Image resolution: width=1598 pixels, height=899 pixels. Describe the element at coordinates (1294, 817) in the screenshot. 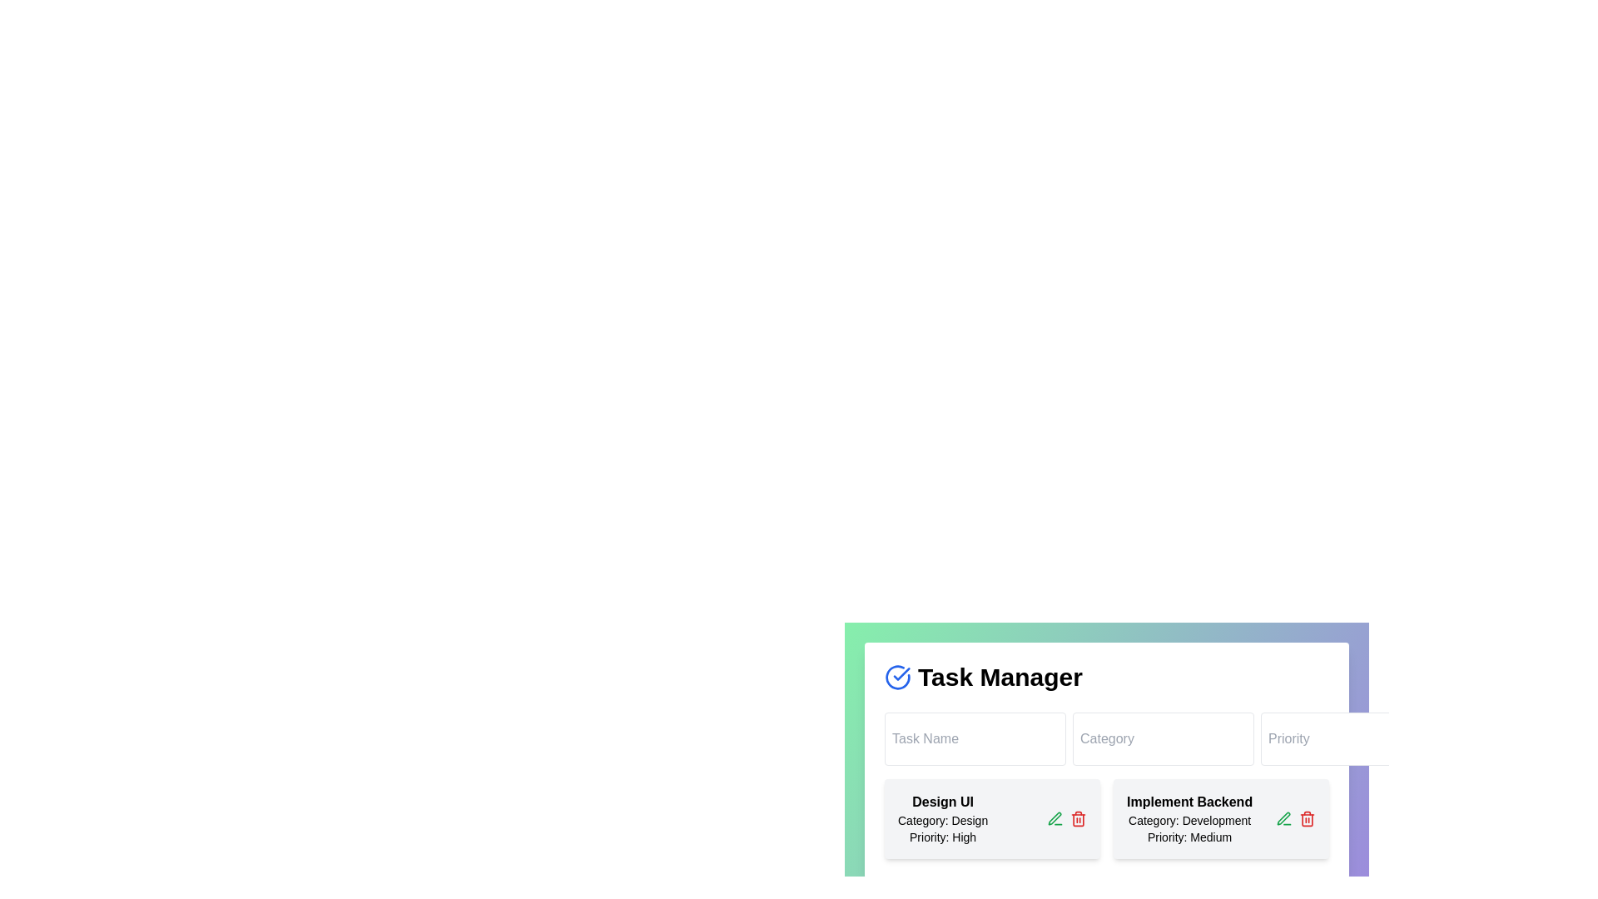

I see `the group of interactive action buttons located in the rightmost task card titled 'Implement Backend'` at that location.